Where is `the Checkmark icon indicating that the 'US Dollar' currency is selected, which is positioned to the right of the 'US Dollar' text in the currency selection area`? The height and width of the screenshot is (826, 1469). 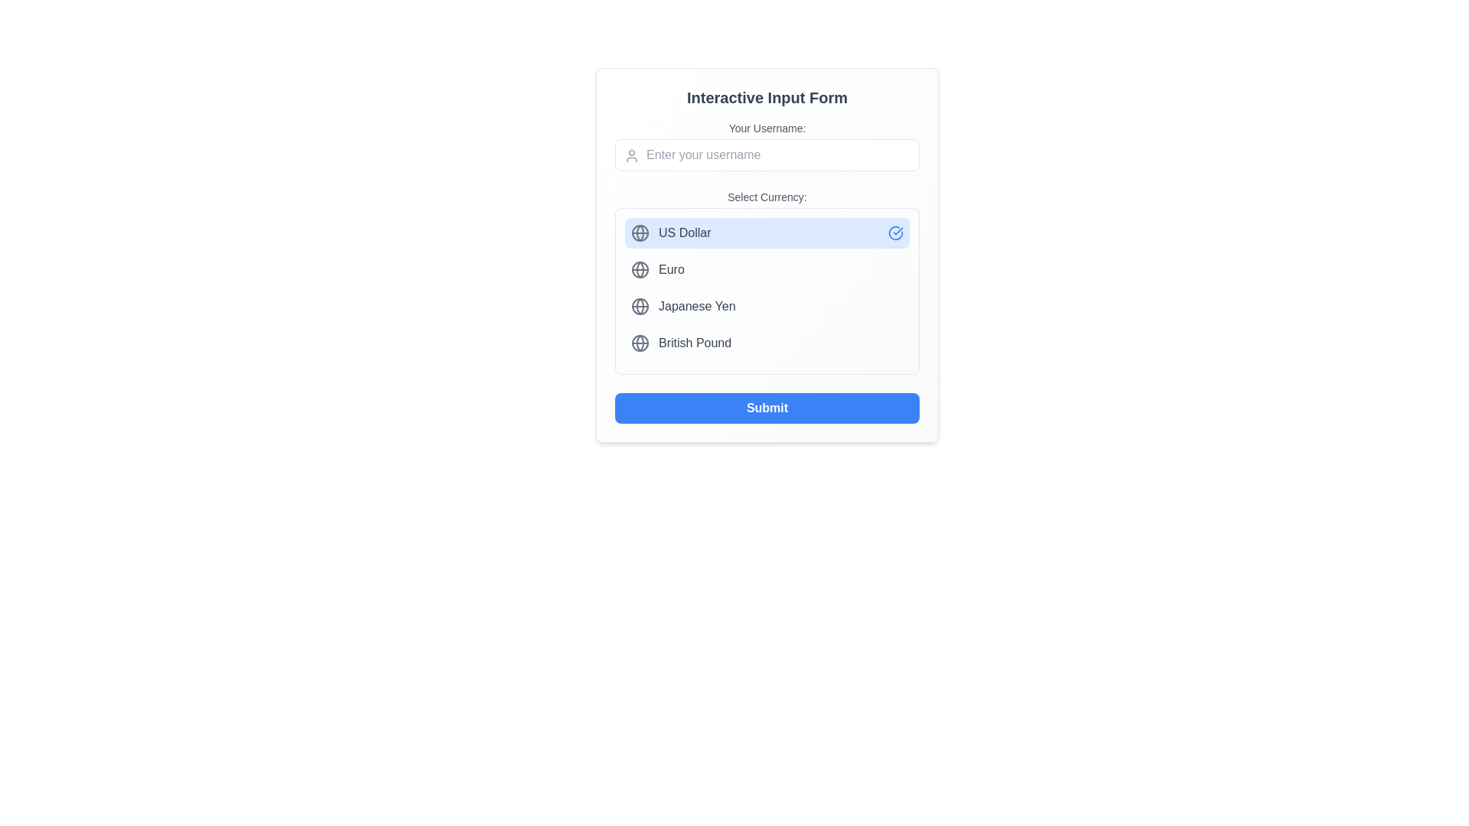 the Checkmark icon indicating that the 'US Dollar' currency is selected, which is positioned to the right of the 'US Dollar' text in the currency selection area is located at coordinates (896, 233).